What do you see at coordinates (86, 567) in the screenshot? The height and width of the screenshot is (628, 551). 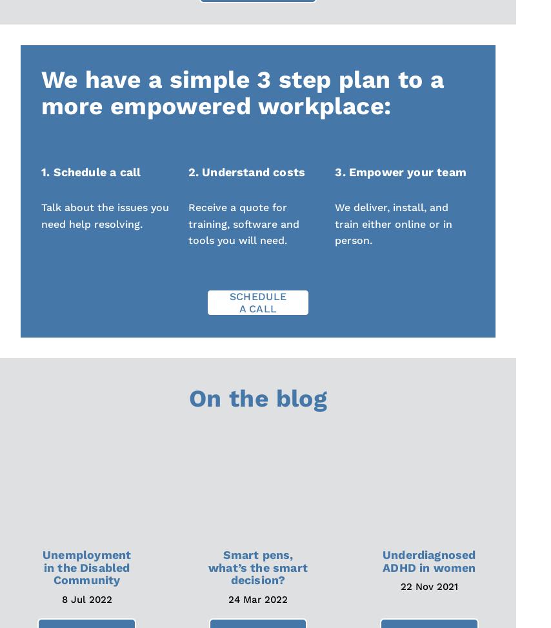 I see `'Unemployment in the Disabled Community'` at bounding box center [86, 567].